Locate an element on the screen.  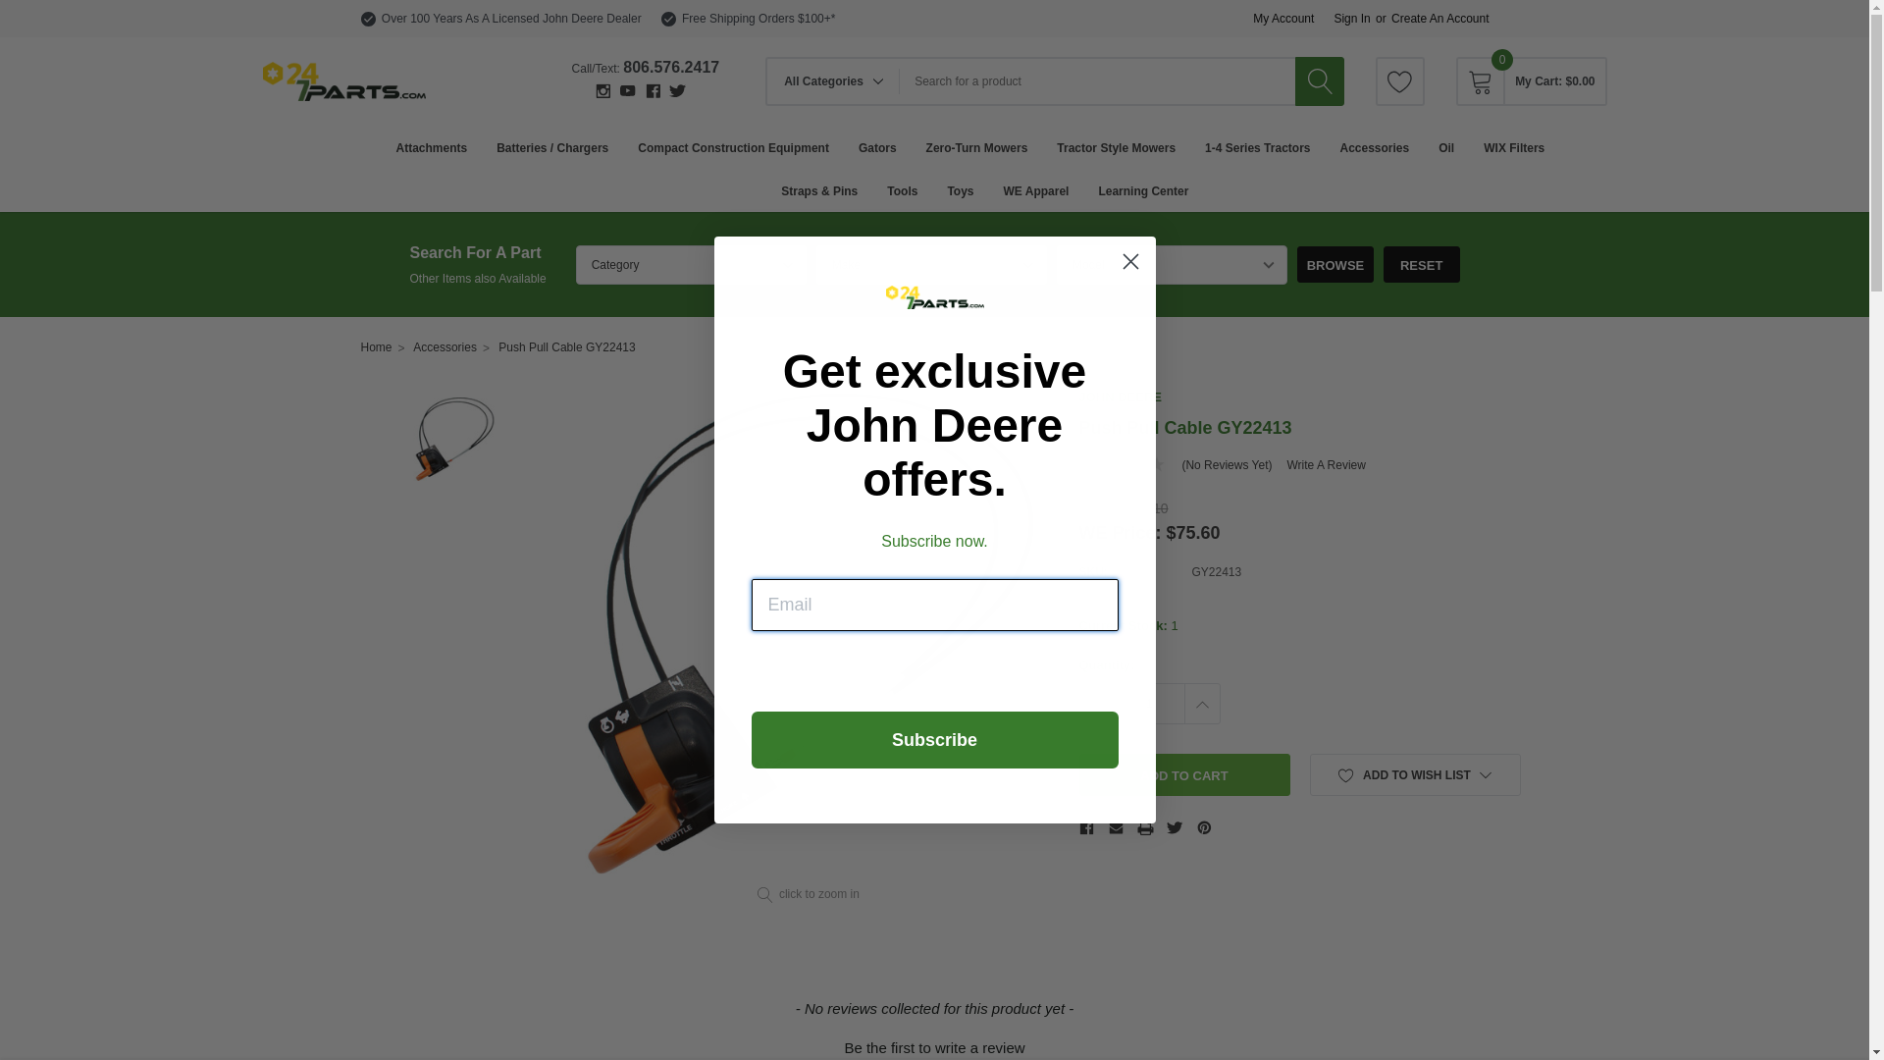
'Attachments' is located at coordinates (430, 146).